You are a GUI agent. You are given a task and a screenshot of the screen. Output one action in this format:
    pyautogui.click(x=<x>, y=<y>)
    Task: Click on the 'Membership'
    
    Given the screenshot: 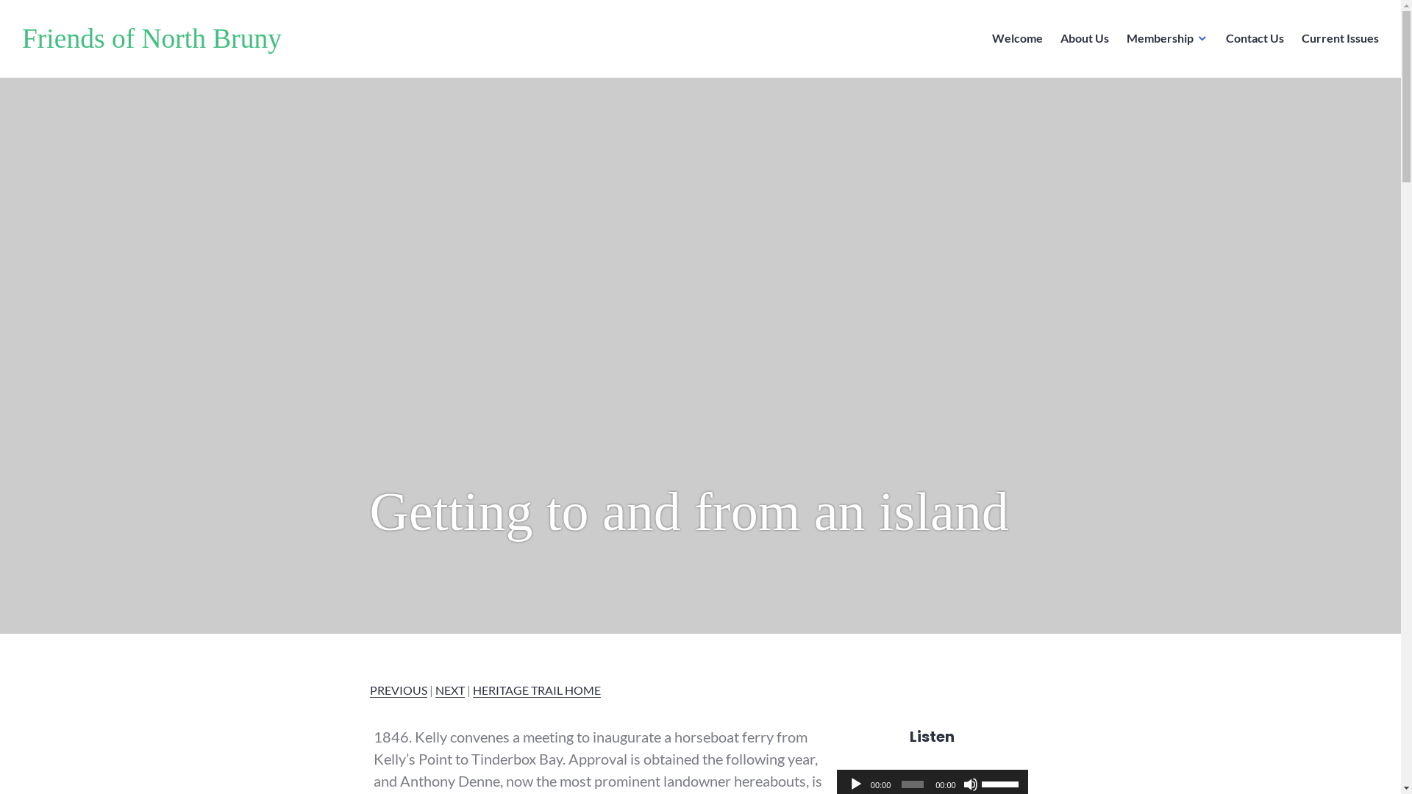 What is the action you would take?
    pyautogui.click(x=1166, y=38)
    